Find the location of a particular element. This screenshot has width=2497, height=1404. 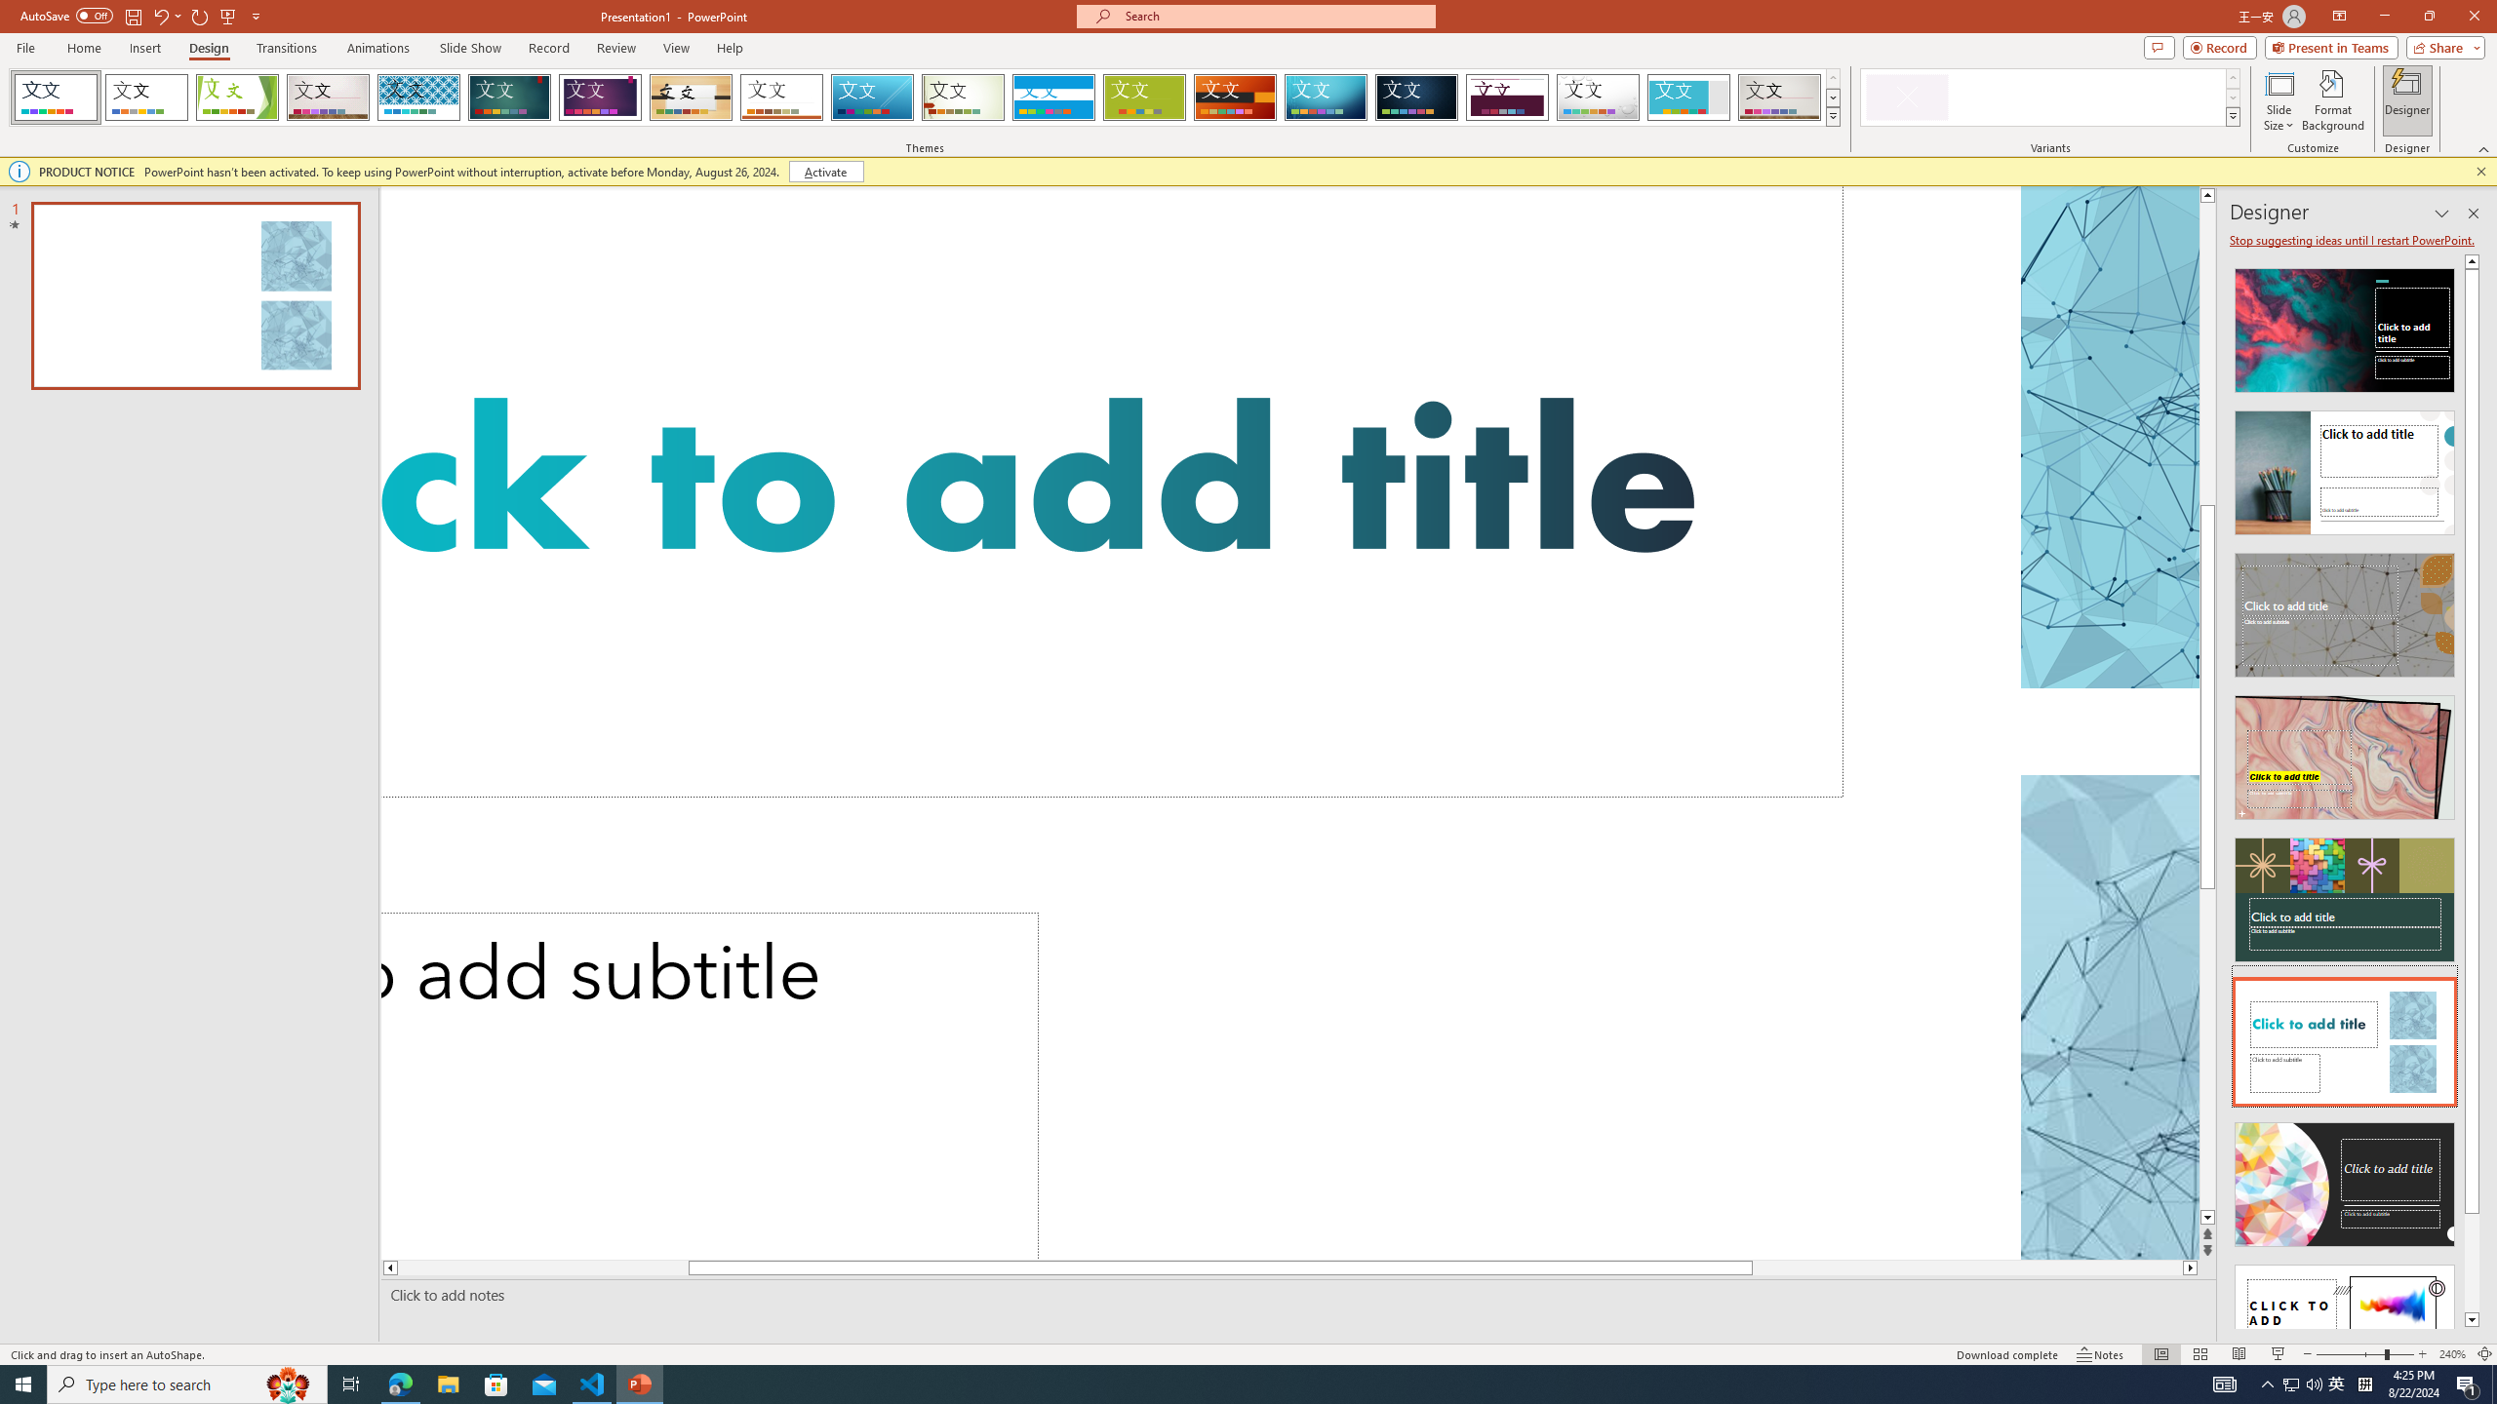

'Wisp' is located at coordinates (963, 97).